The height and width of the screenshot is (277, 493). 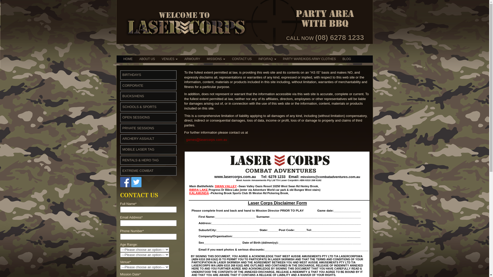 What do you see at coordinates (138, 171) in the screenshot?
I see `'EXTREME COMBAT'` at bounding box center [138, 171].